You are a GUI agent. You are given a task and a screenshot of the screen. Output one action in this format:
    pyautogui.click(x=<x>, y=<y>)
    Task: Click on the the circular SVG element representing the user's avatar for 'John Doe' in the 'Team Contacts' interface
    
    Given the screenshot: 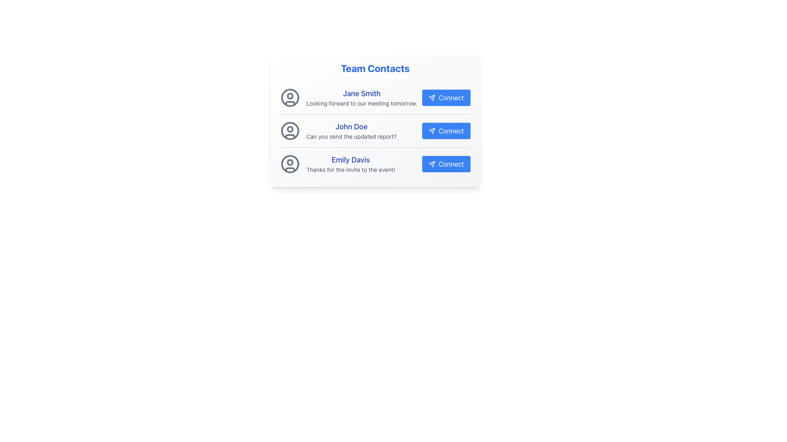 What is the action you would take?
    pyautogui.click(x=290, y=131)
    